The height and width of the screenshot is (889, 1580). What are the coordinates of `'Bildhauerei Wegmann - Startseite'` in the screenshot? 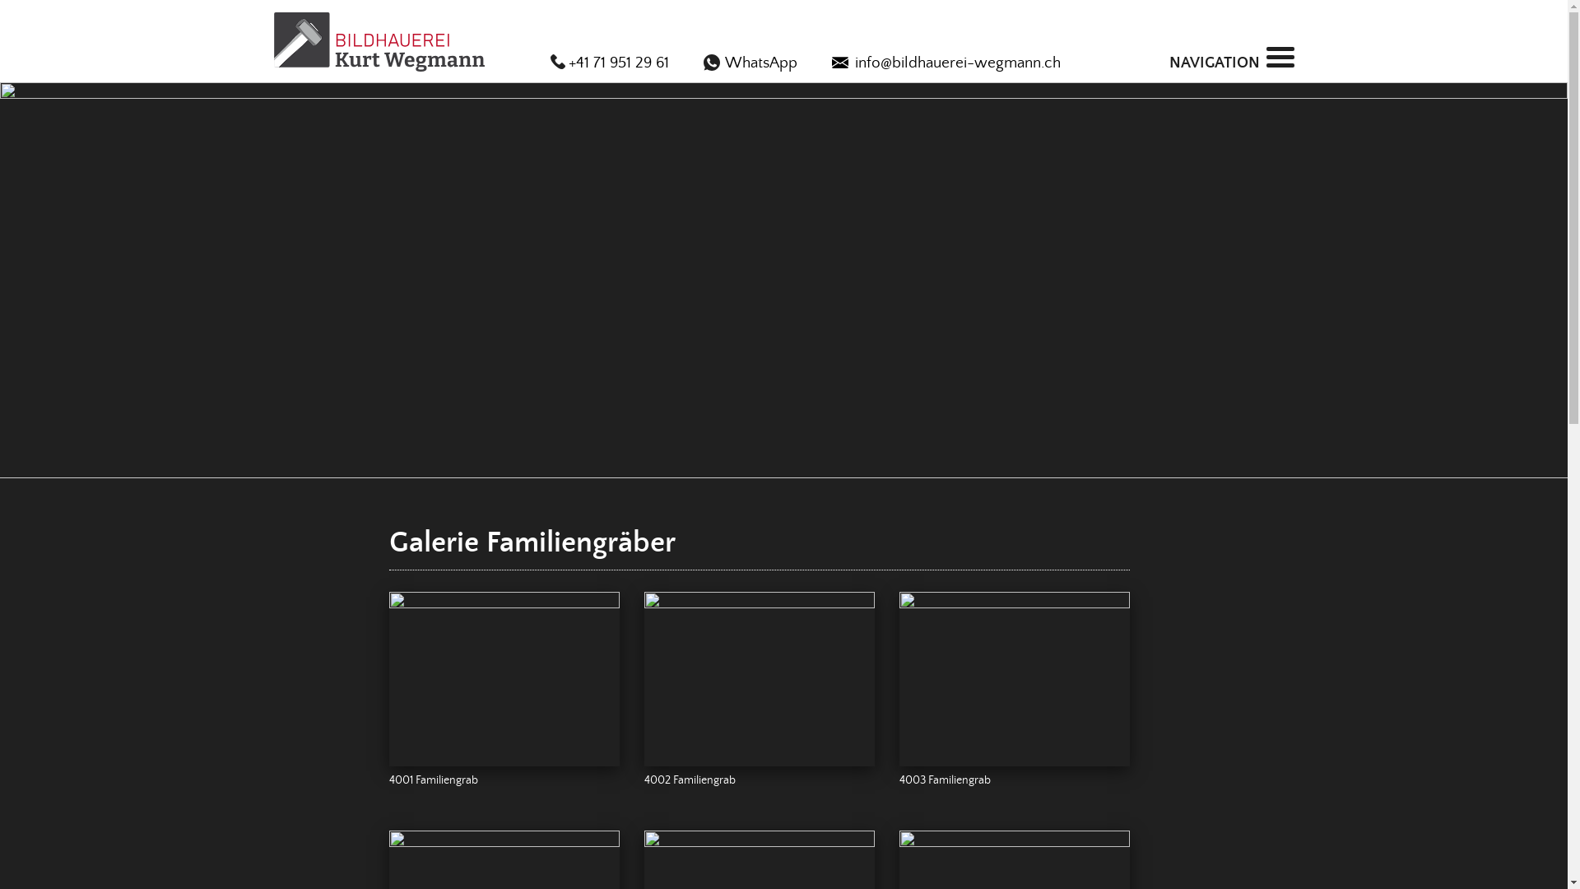 It's located at (378, 40).